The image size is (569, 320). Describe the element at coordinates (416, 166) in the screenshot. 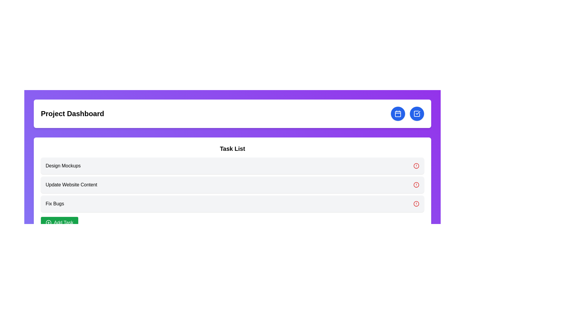

I see `the alert icon located to the right of the 'Design Mockups' text` at that location.